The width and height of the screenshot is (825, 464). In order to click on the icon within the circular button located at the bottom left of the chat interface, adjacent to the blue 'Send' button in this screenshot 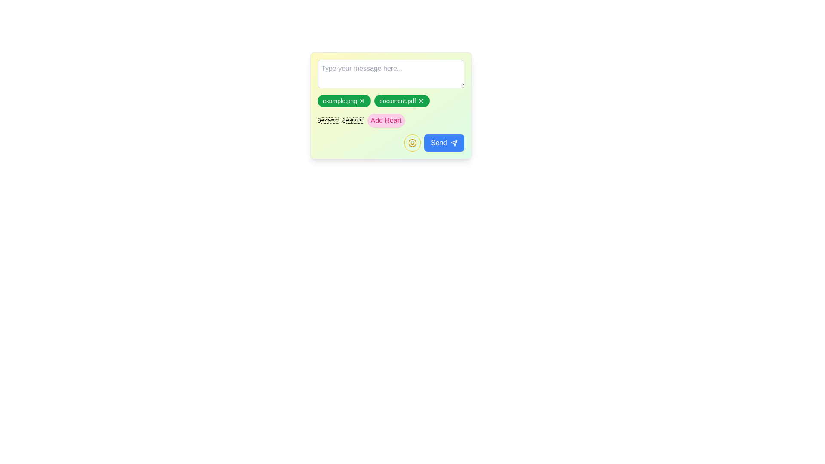, I will do `click(412, 142)`.